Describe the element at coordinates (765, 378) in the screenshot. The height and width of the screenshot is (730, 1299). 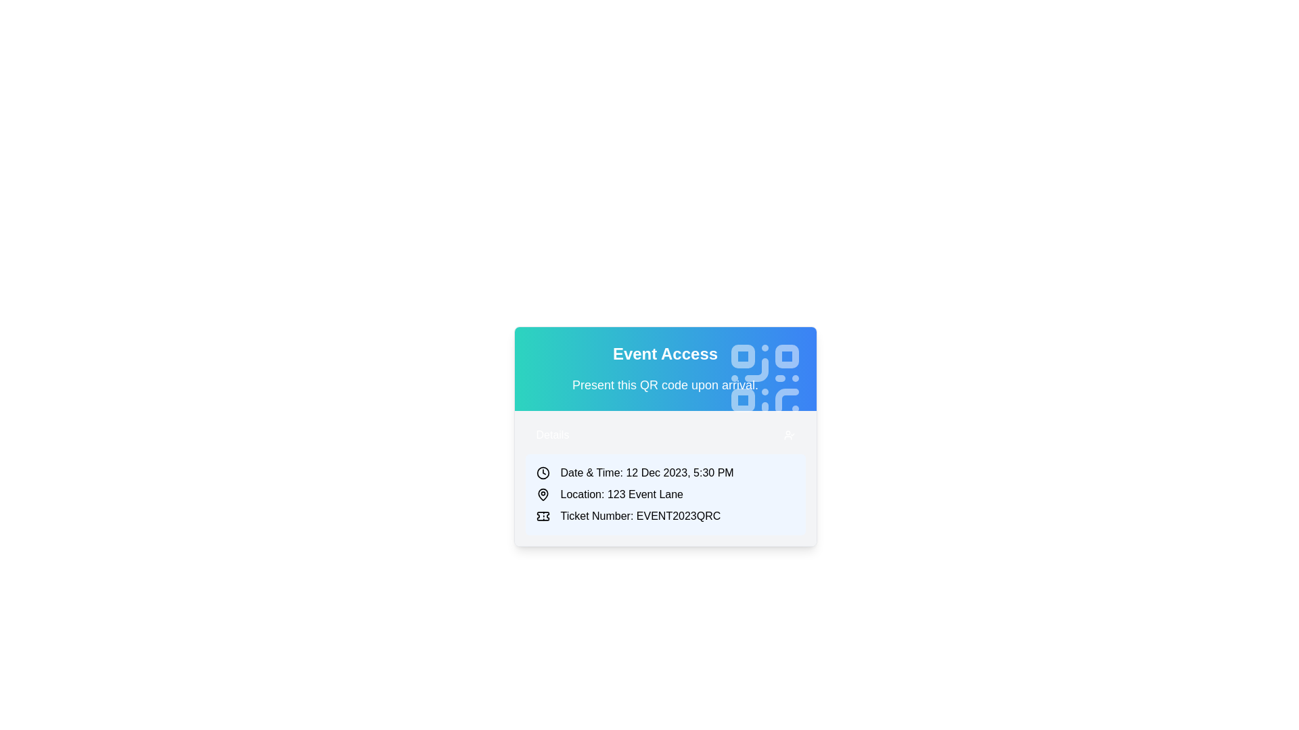
I see `the QR code element, which is a graphical representation of a QR code located in the top-right corner of an informational banner with a blue-gradient background, adjacent to the text 'Event Access'` at that location.